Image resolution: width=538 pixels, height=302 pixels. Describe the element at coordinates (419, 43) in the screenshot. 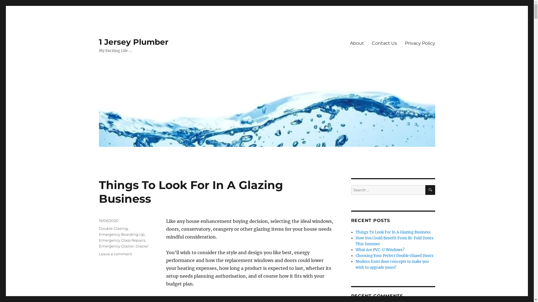

I see `'Privacy Policy'` at that location.